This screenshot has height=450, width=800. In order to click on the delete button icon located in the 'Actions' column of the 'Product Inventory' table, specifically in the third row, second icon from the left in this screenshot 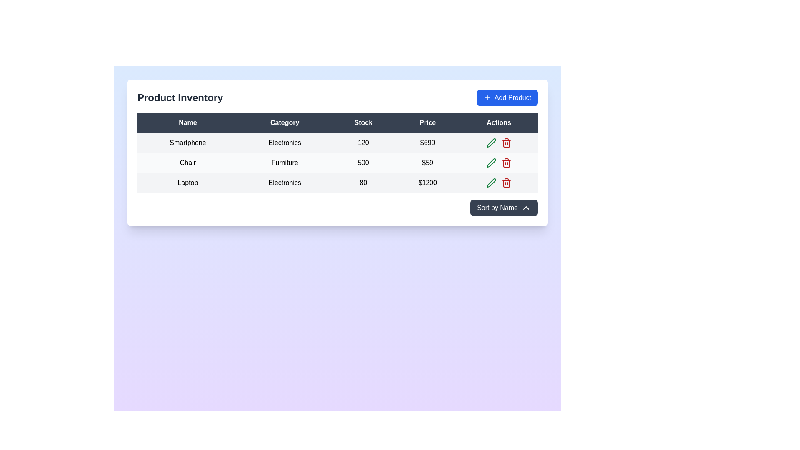, I will do `click(506, 142)`.